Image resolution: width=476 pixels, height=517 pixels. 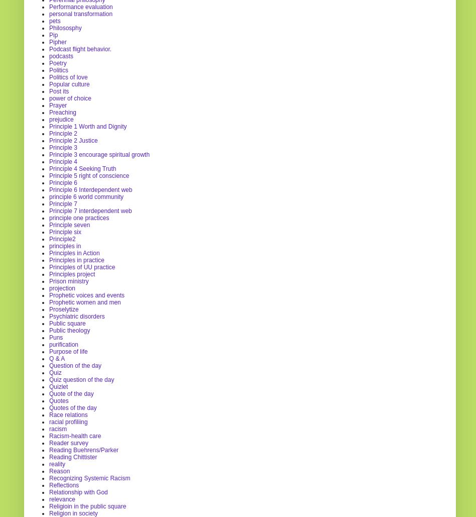 I want to click on 'Racism-health care', so click(x=49, y=435).